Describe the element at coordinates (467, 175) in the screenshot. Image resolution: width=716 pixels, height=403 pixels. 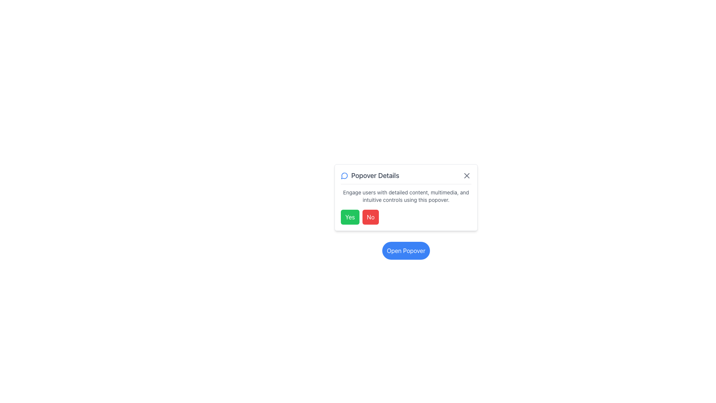
I see `the close button represented by an 'X' icon in the top-right corner of the 'Popover Details'` at that location.